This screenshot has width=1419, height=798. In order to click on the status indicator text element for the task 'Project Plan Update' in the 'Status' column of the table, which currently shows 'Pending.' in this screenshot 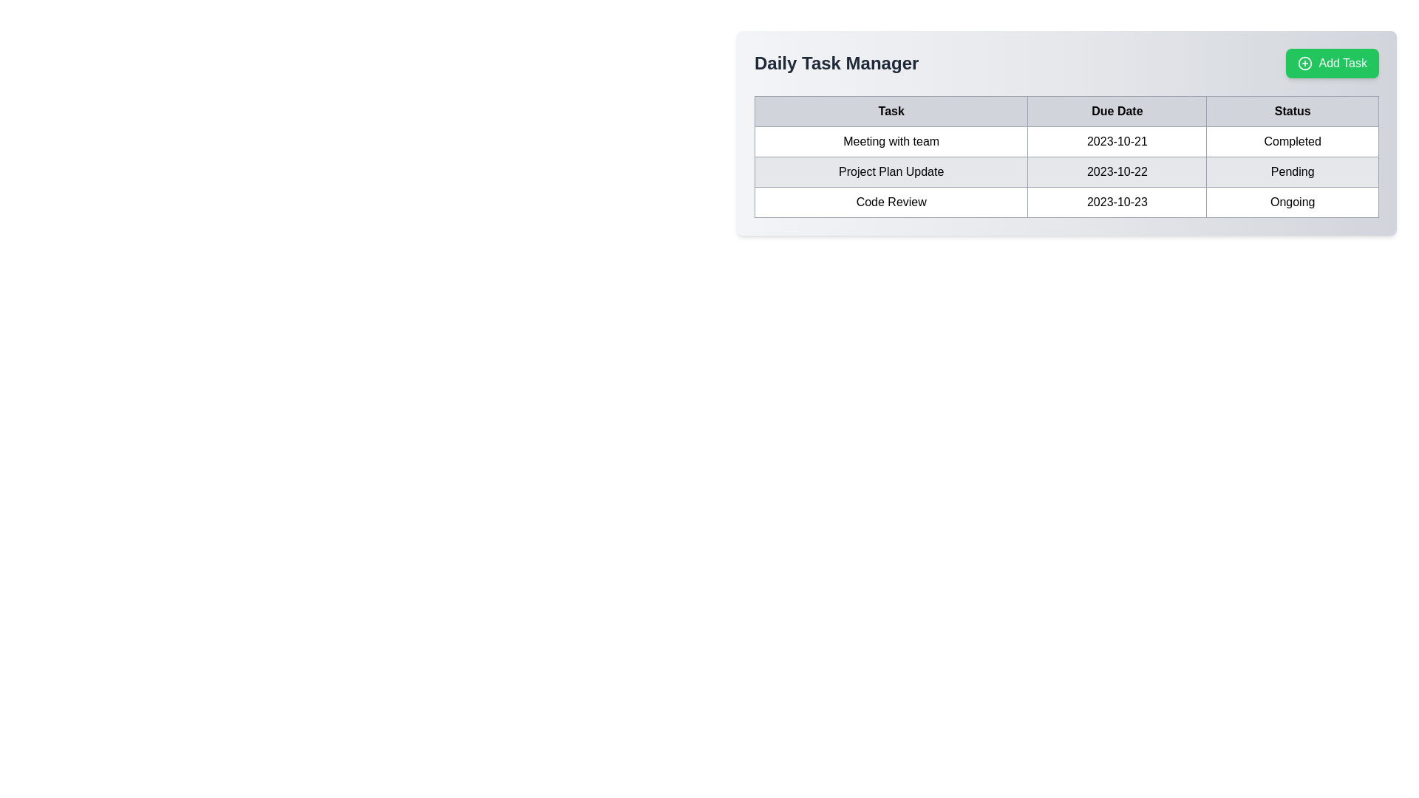, I will do `click(1292, 171)`.